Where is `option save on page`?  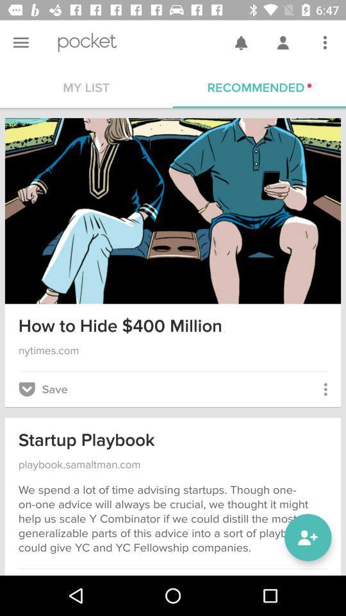 option save on page is located at coordinates (43, 389).